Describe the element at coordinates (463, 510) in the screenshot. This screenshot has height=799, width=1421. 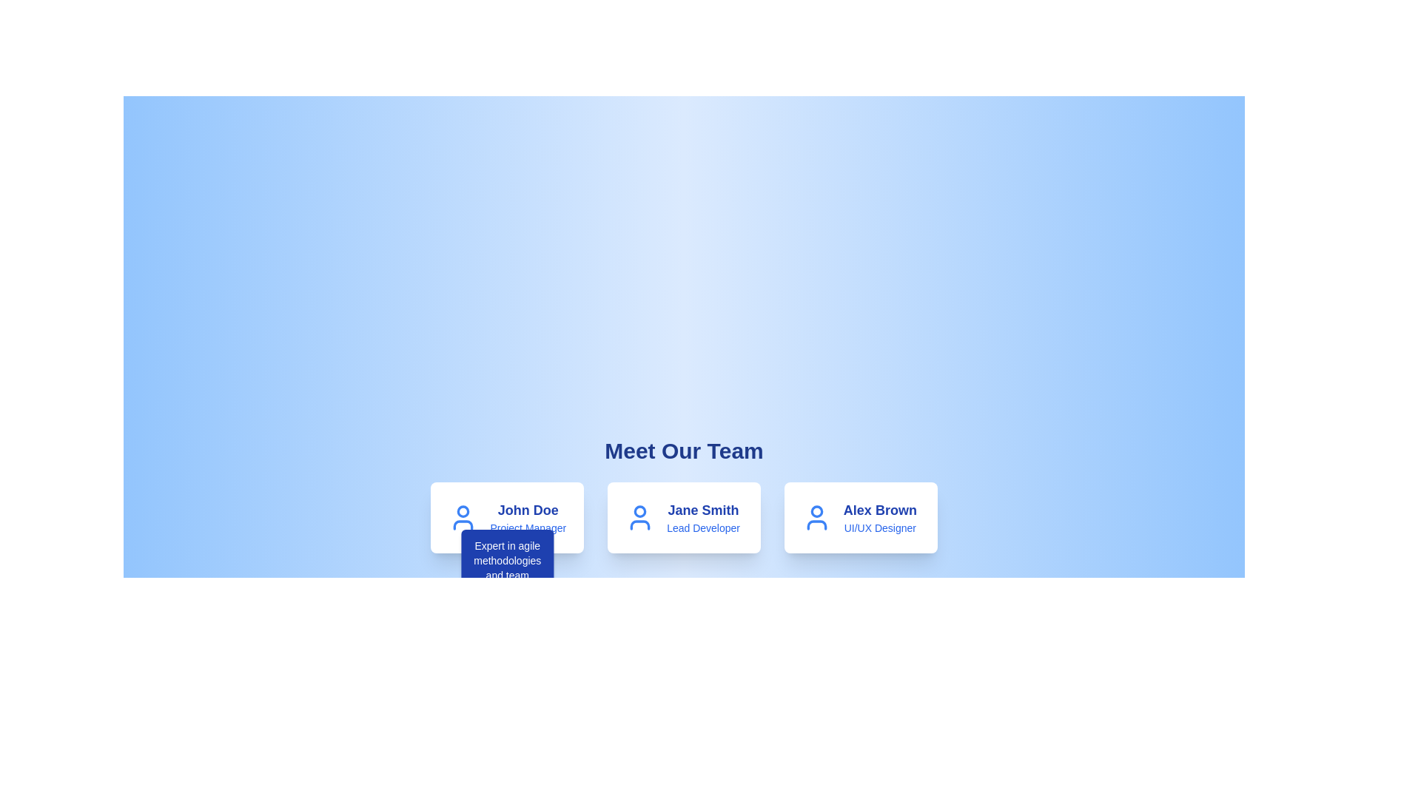
I see `the circular user profile avatar graphic for 'John Doe', which has a blue border and white interior` at that location.